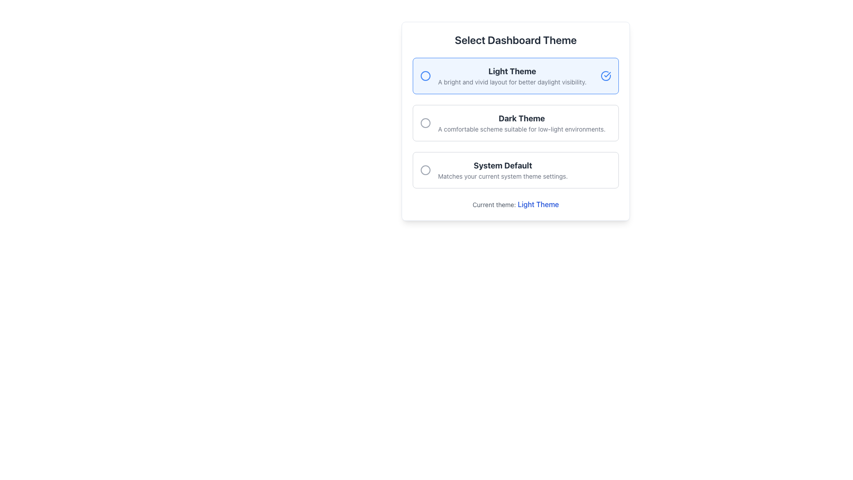 The width and height of the screenshot is (853, 480). I want to click on text label that says 'A bright and vivid layout for better daylight visibility.' located below the 'Light Theme' title in the 'Select Dashboard Theme' interface, so click(512, 82).